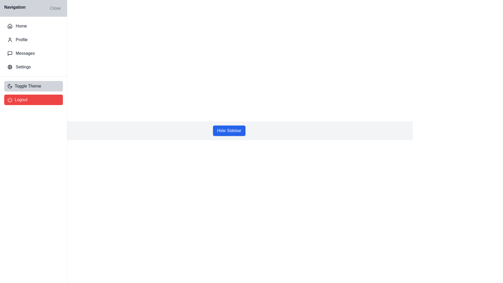 This screenshot has height=283, width=503. What do you see at coordinates (33, 26) in the screenshot?
I see `the 'Home' Navigation Button located at the top of the vertical navigation menu` at bounding box center [33, 26].